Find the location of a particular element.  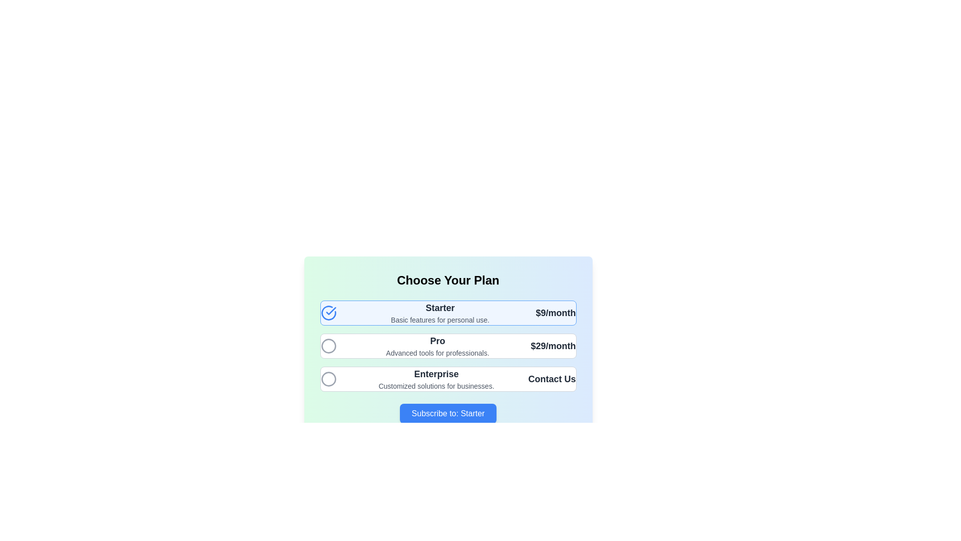

the circular graphical indicator for the 'Enterprise' subscription tier is located at coordinates (328, 379).